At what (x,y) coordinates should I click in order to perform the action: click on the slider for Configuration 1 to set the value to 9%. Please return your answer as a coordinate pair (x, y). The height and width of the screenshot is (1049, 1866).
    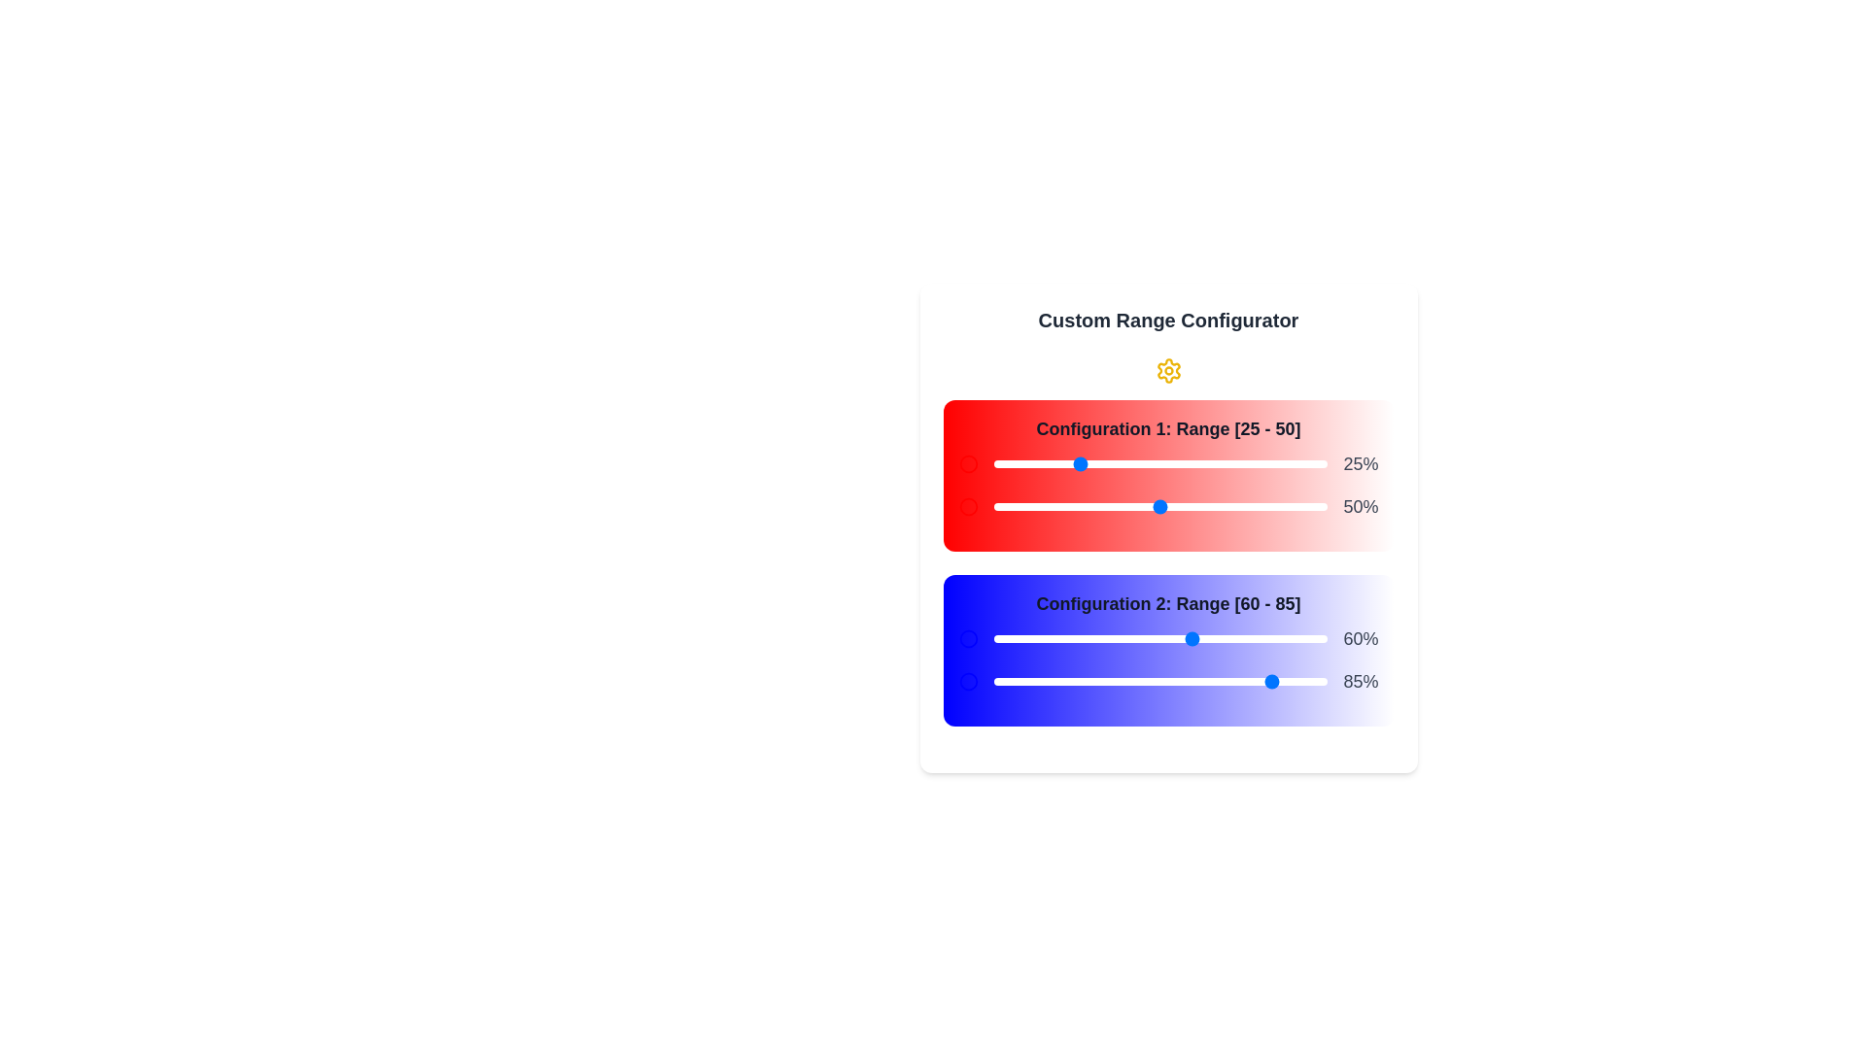
    Looking at the image, I should click on (1022, 464).